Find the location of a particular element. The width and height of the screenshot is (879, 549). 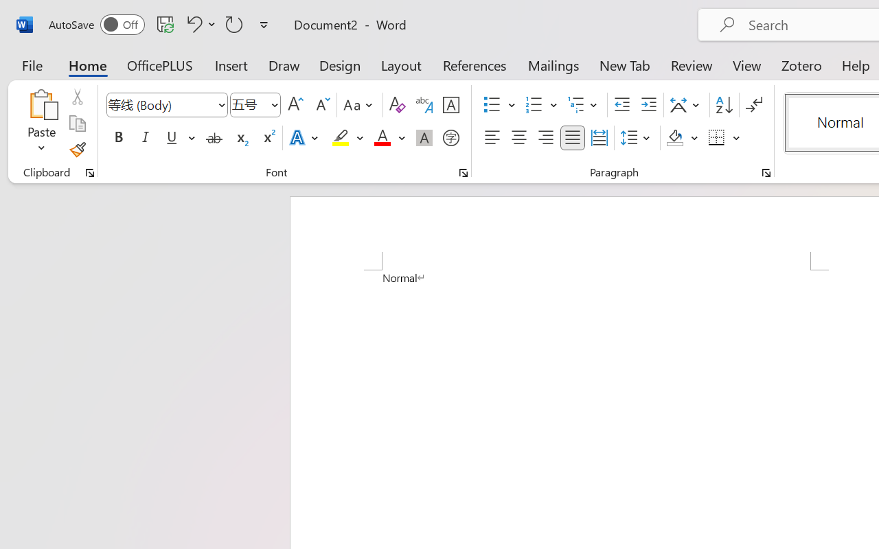

'Font Size' is located at coordinates (249, 104).